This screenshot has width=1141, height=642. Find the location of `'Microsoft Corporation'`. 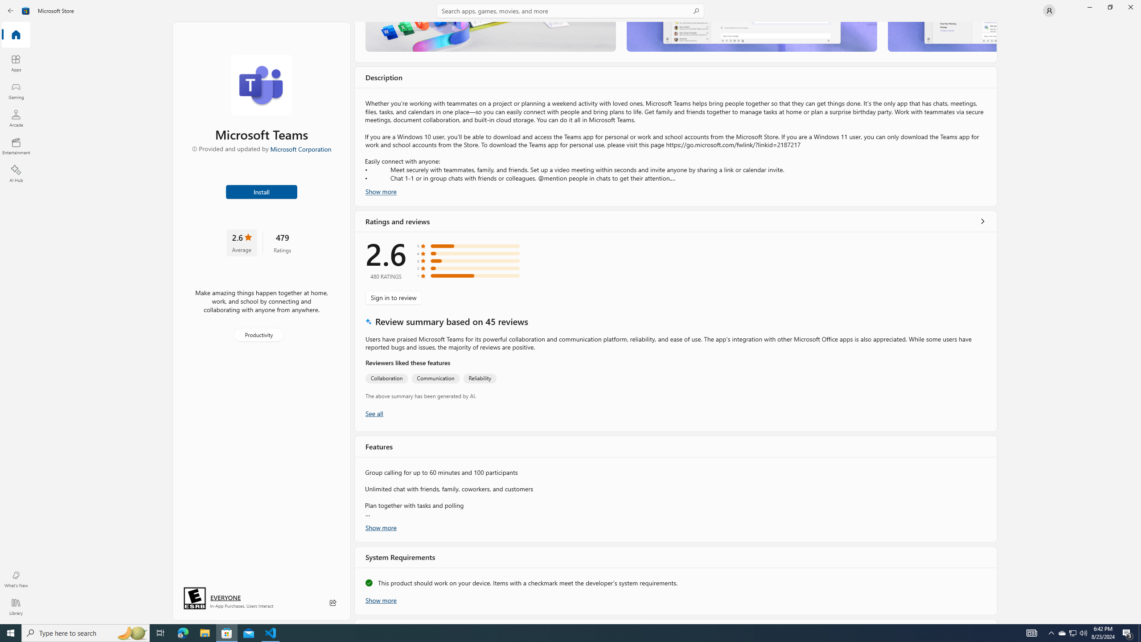

'Microsoft Corporation' is located at coordinates (300, 148).